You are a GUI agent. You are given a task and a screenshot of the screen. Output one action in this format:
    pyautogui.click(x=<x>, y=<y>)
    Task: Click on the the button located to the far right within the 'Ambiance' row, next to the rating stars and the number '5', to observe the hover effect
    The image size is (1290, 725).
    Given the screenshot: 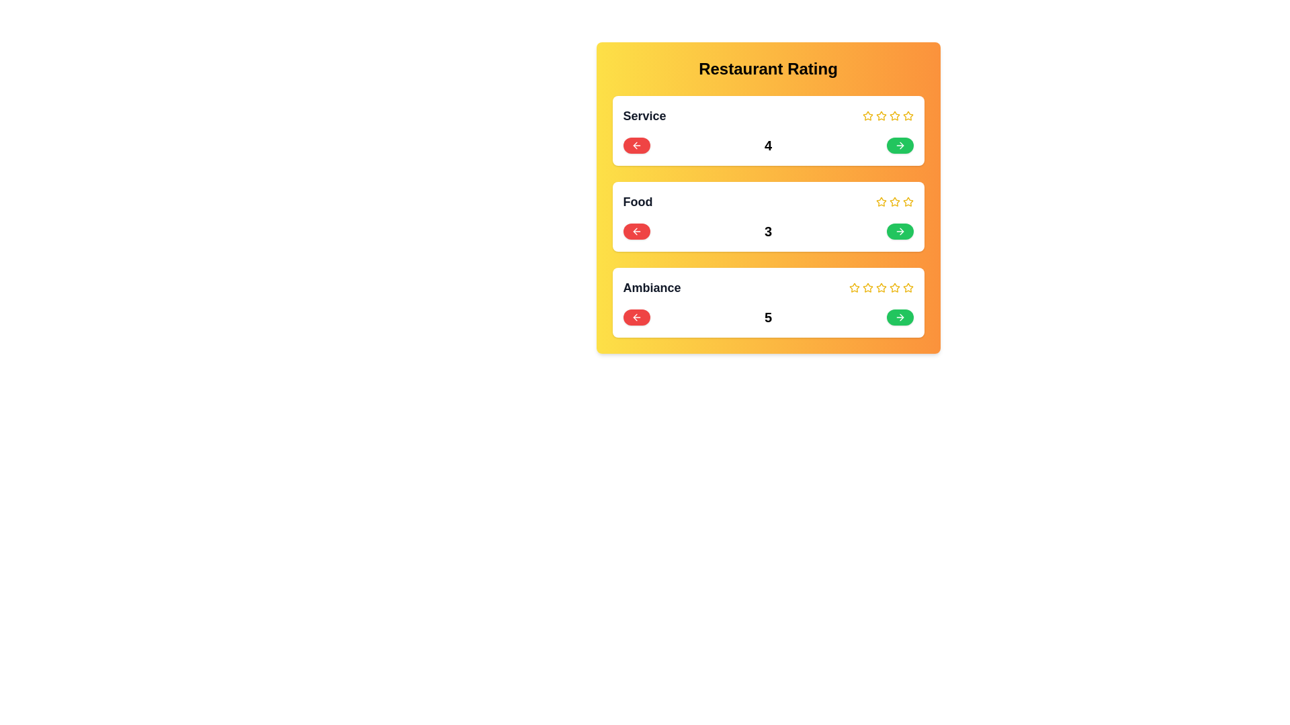 What is the action you would take?
    pyautogui.click(x=900, y=318)
    